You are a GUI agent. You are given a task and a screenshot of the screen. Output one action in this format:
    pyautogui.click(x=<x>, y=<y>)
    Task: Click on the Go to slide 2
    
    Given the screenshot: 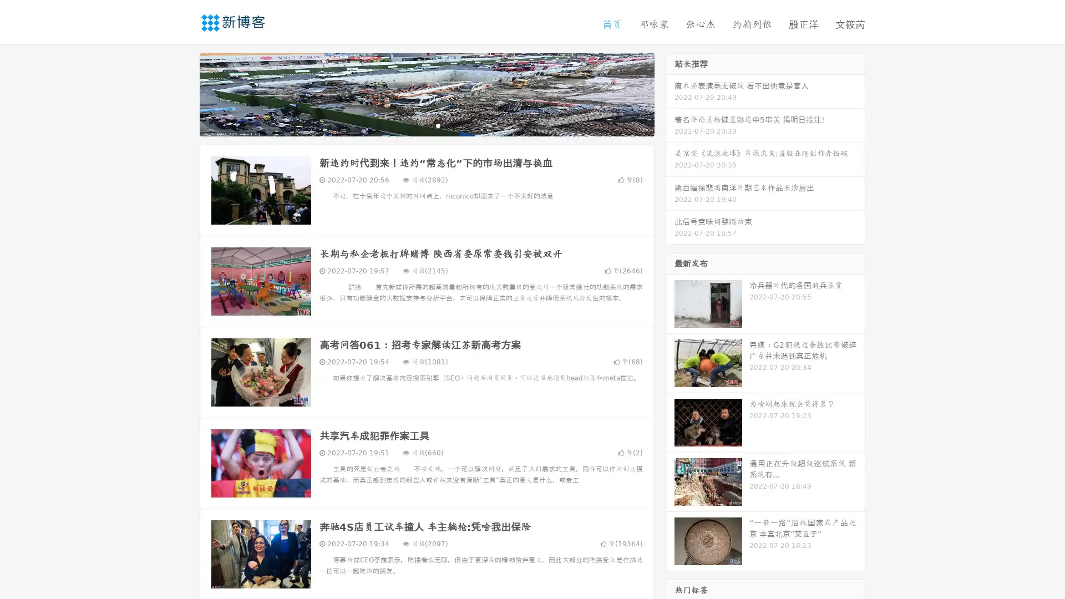 What is the action you would take?
    pyautogui.click(x=426, y=125)
    